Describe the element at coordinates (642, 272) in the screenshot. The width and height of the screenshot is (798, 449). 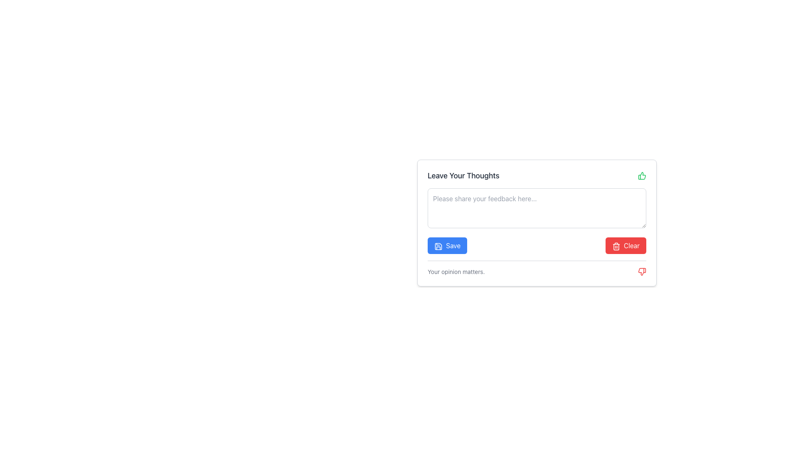
I see `the visual appearance of the lower segment of the thumbs-down icon, which symbolizes negative feedback and is located at the bottom right corner of the interface, adjacent to the 'Clear' button in the feedback submission component` at that location.